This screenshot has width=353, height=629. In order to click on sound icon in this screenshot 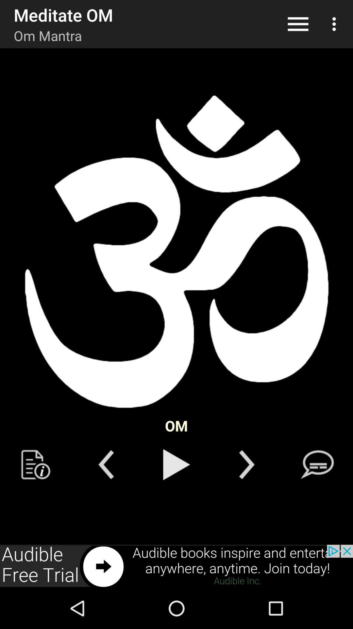, I will do `click(176, 252)`.